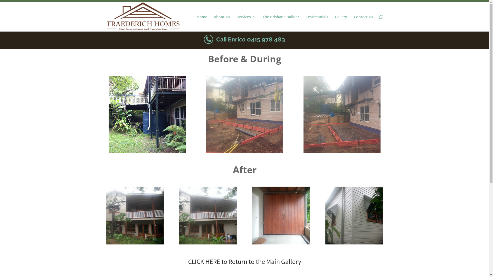  I want to click on 'Services', so click(246, 23).